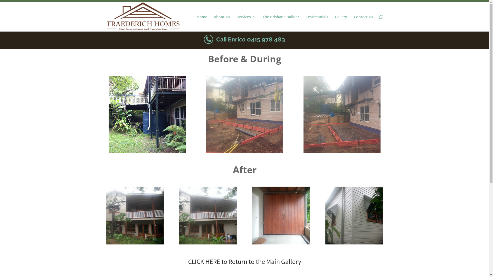  I want to click on 'Services', so click(246, 23).